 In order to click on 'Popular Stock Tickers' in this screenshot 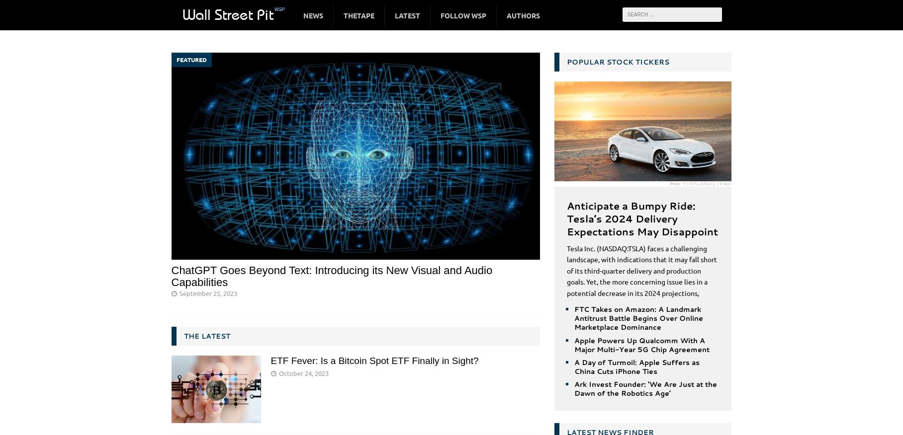, I will do `click(617, 62)`.